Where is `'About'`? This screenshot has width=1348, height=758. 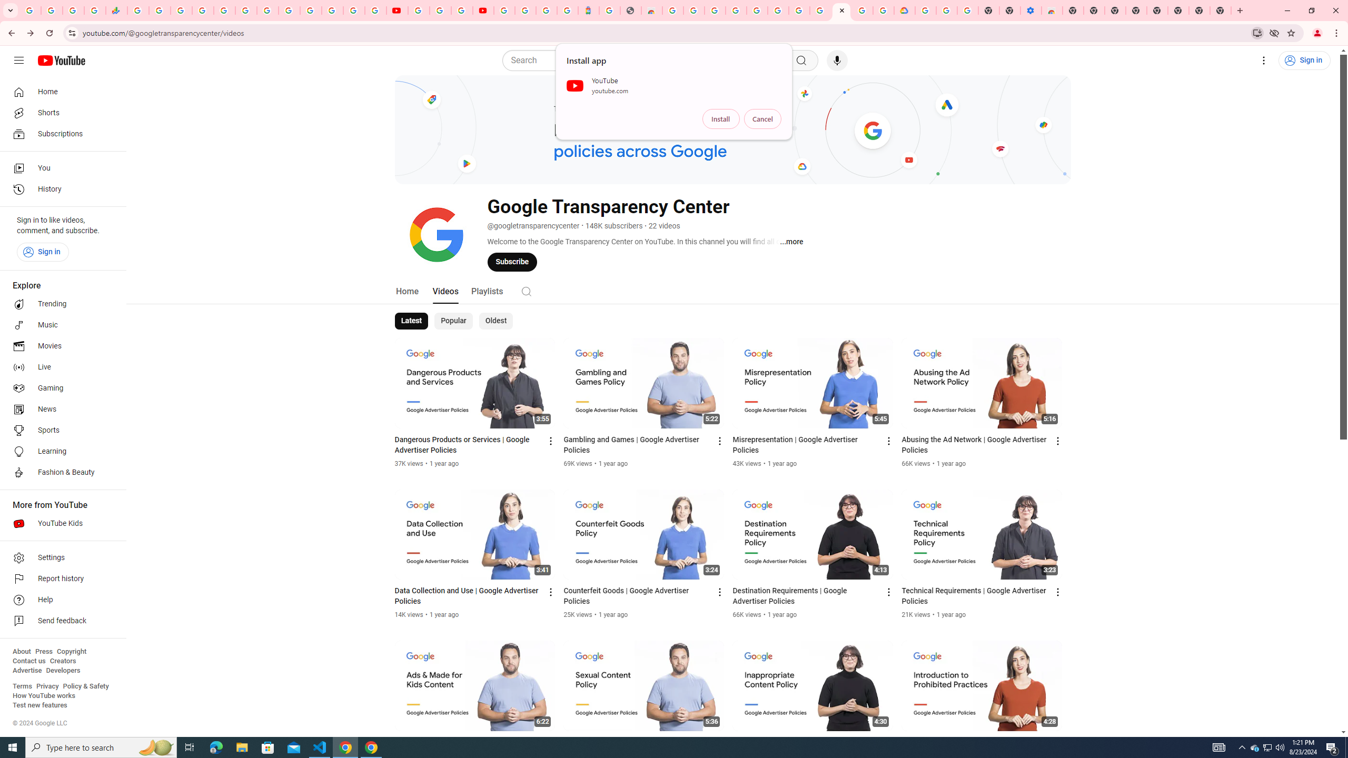 'About' is located at coordinates (21, 651).